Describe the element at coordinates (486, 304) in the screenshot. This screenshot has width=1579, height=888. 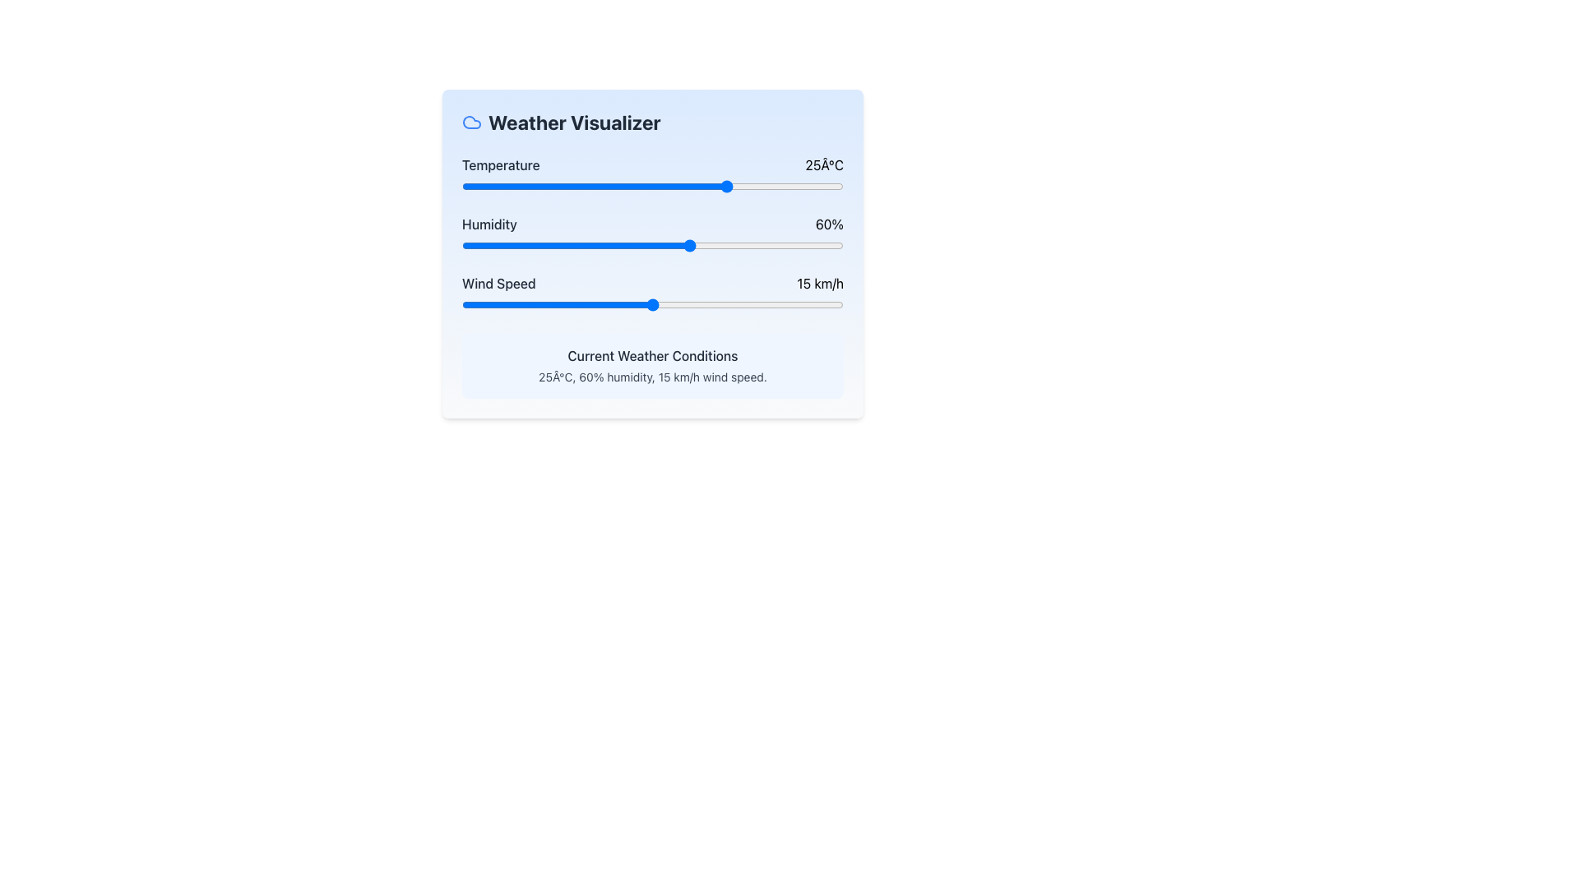
I see `wind speed` at that location.